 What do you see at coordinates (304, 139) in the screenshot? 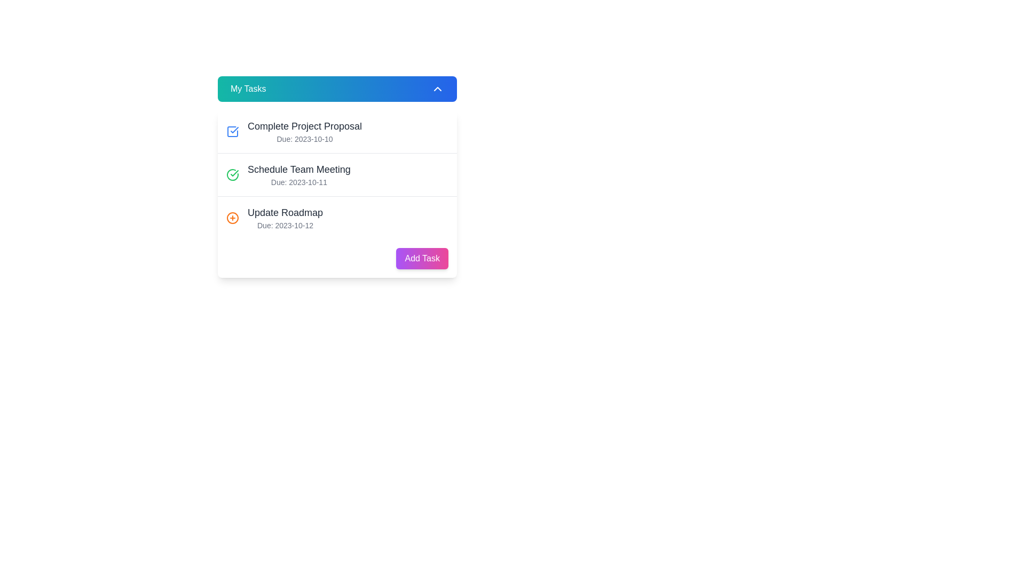
I see `the informational label indicating the due date of the task 'Complete Project Proposal', which is positioned directly underneath its title` at bounding box center [304, 139].